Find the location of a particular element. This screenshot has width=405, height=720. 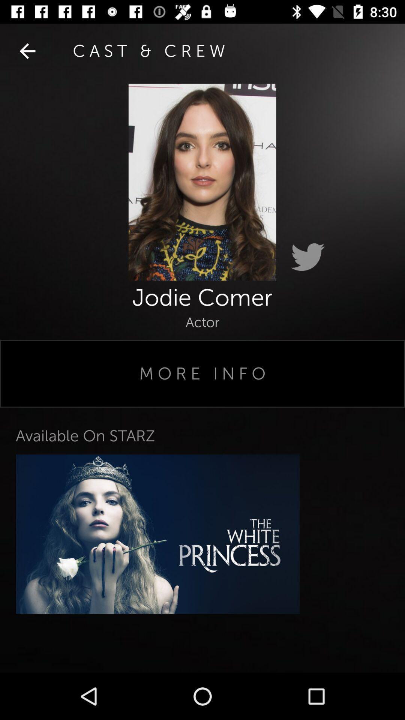

icon above the jodie comer is located at coordinates (307, 257).